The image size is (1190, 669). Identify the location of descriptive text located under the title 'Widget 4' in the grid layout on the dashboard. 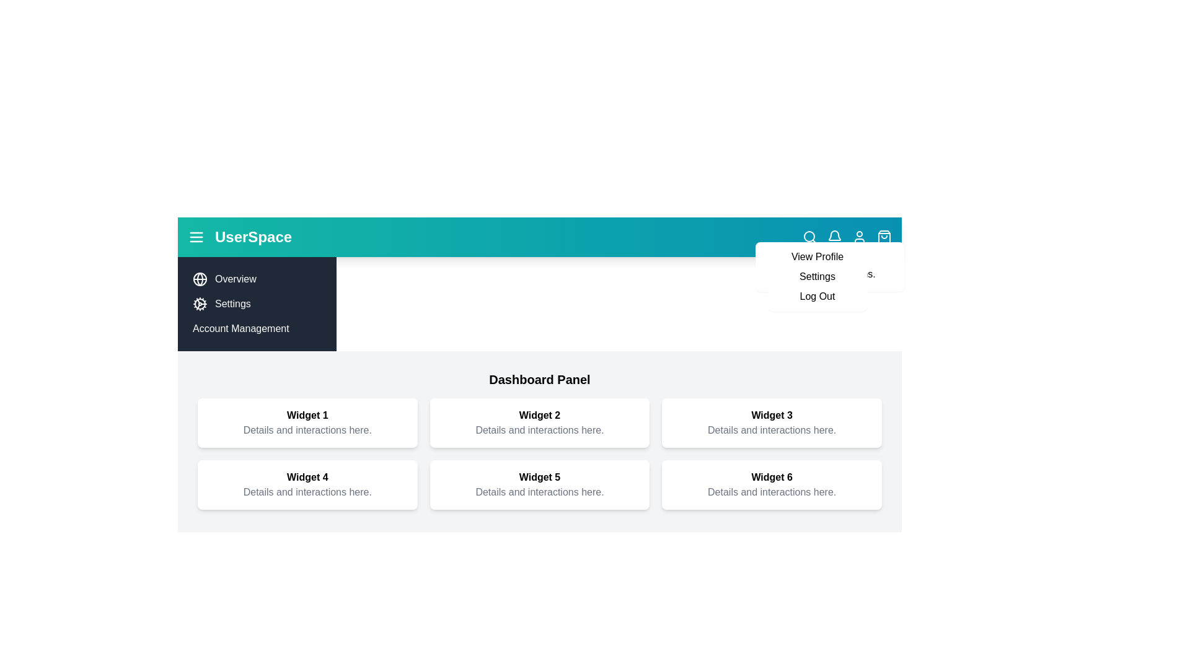
(307, 491).